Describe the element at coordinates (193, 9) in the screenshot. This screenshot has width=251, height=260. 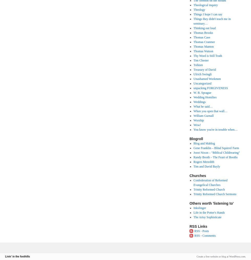
I see `'Theology'` at that location.